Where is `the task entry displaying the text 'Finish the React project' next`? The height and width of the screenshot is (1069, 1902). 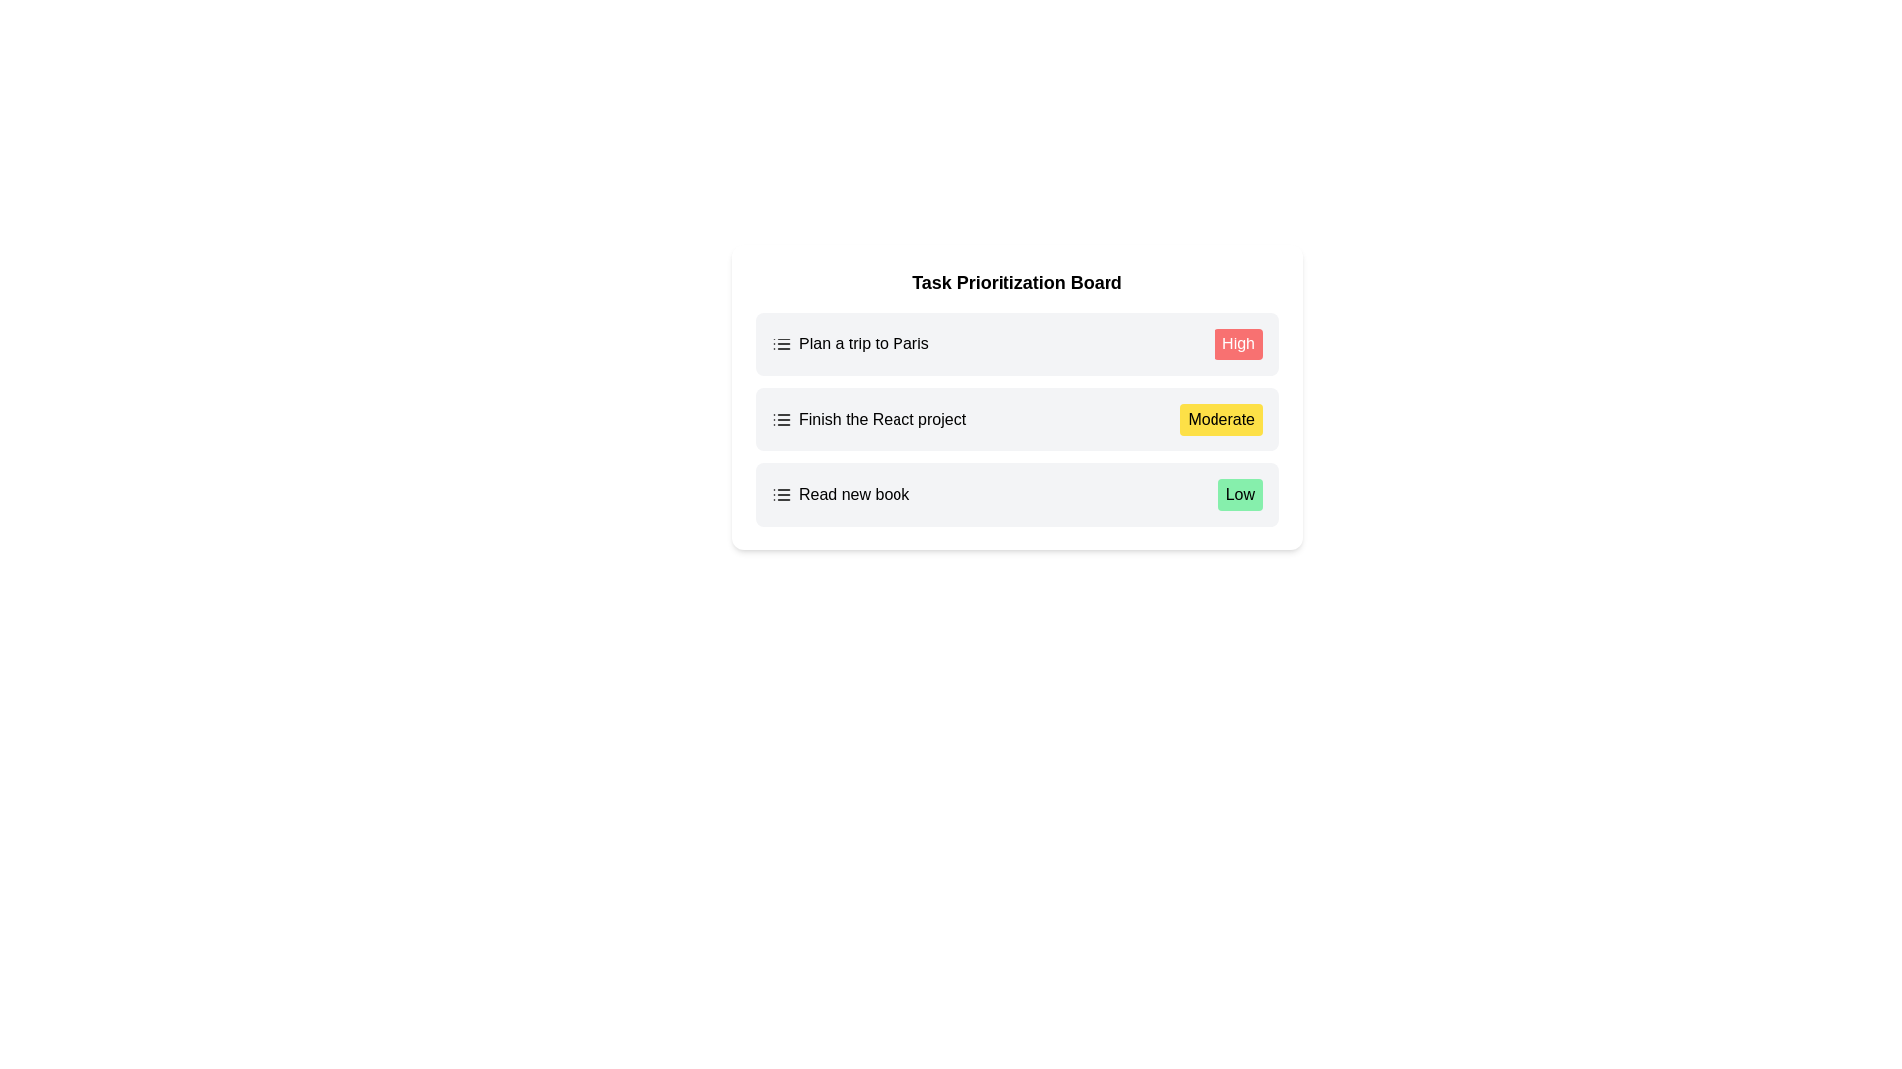
the task entry displaying the text 'Finish the React project' next is located at coordinates (869, 419).